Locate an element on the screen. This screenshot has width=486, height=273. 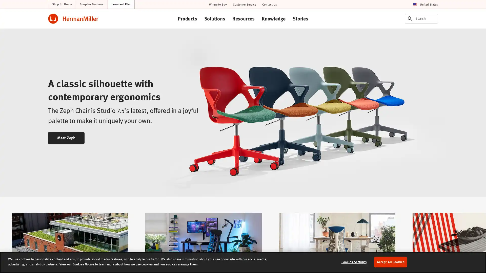
Cookies Settings is located at coordinates (353, 262).